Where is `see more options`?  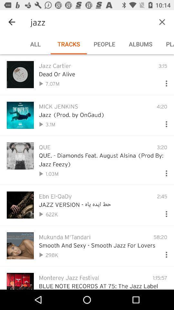 see more options is located at coordinates (164, 122).